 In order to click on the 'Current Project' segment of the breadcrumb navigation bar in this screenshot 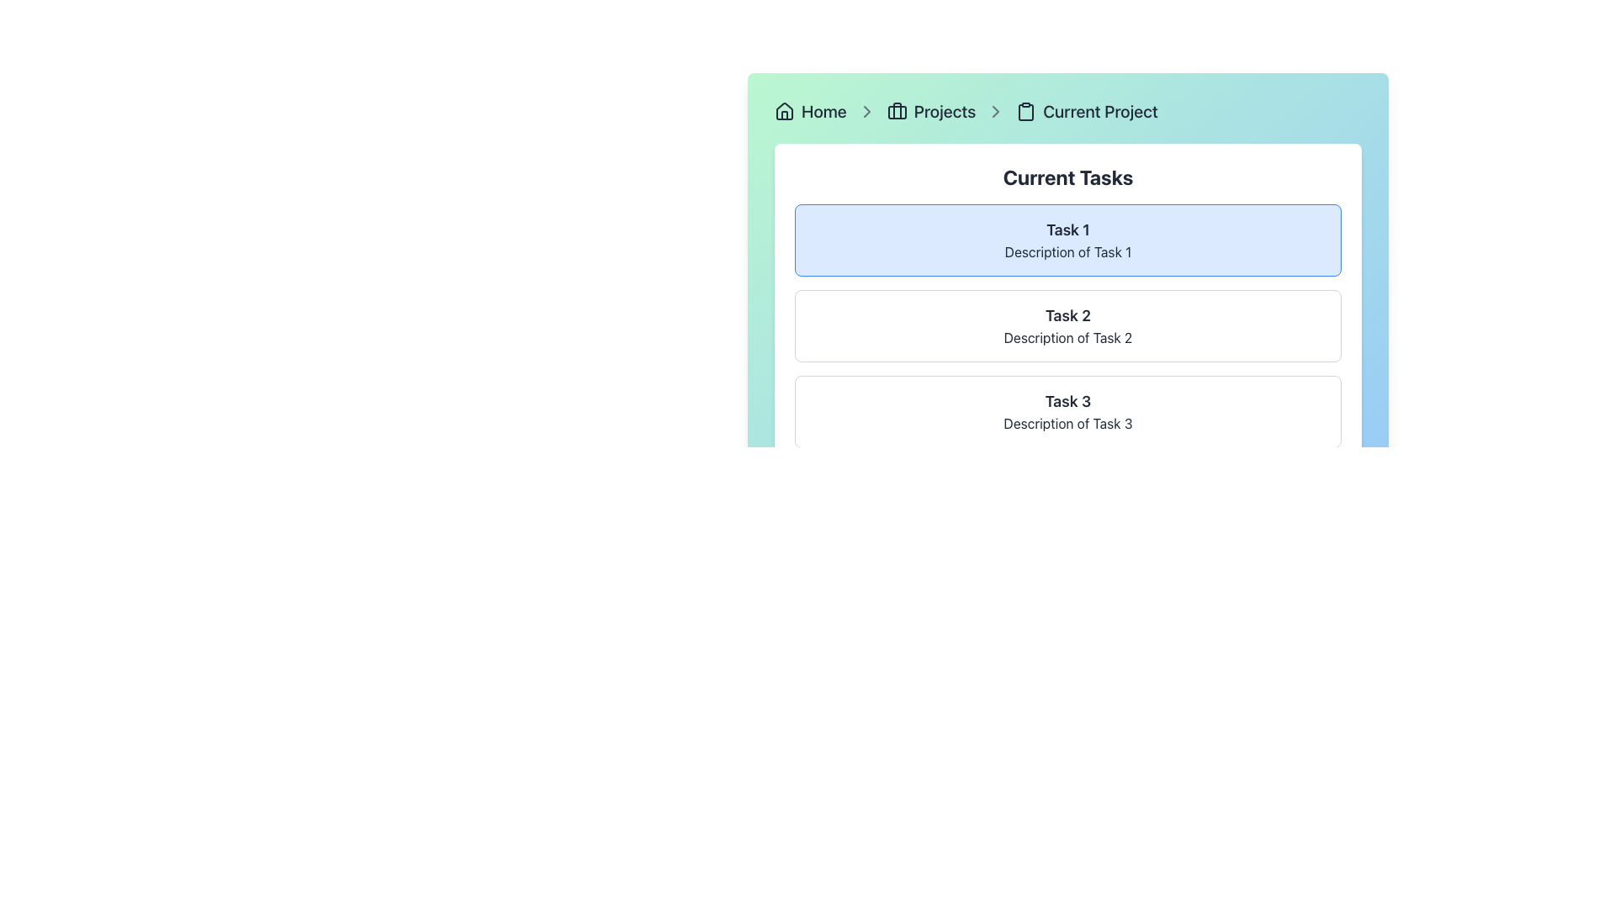, I will do `click(1067, 111)`.